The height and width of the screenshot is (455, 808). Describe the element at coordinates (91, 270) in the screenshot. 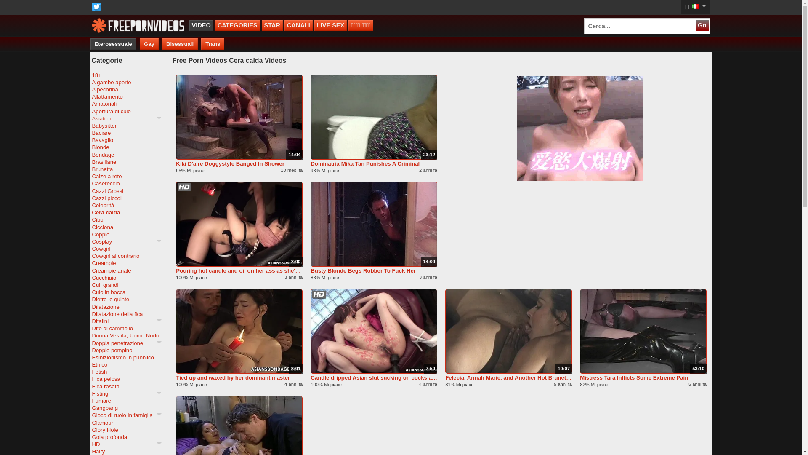

I see `'Creampie anale'` at that location.